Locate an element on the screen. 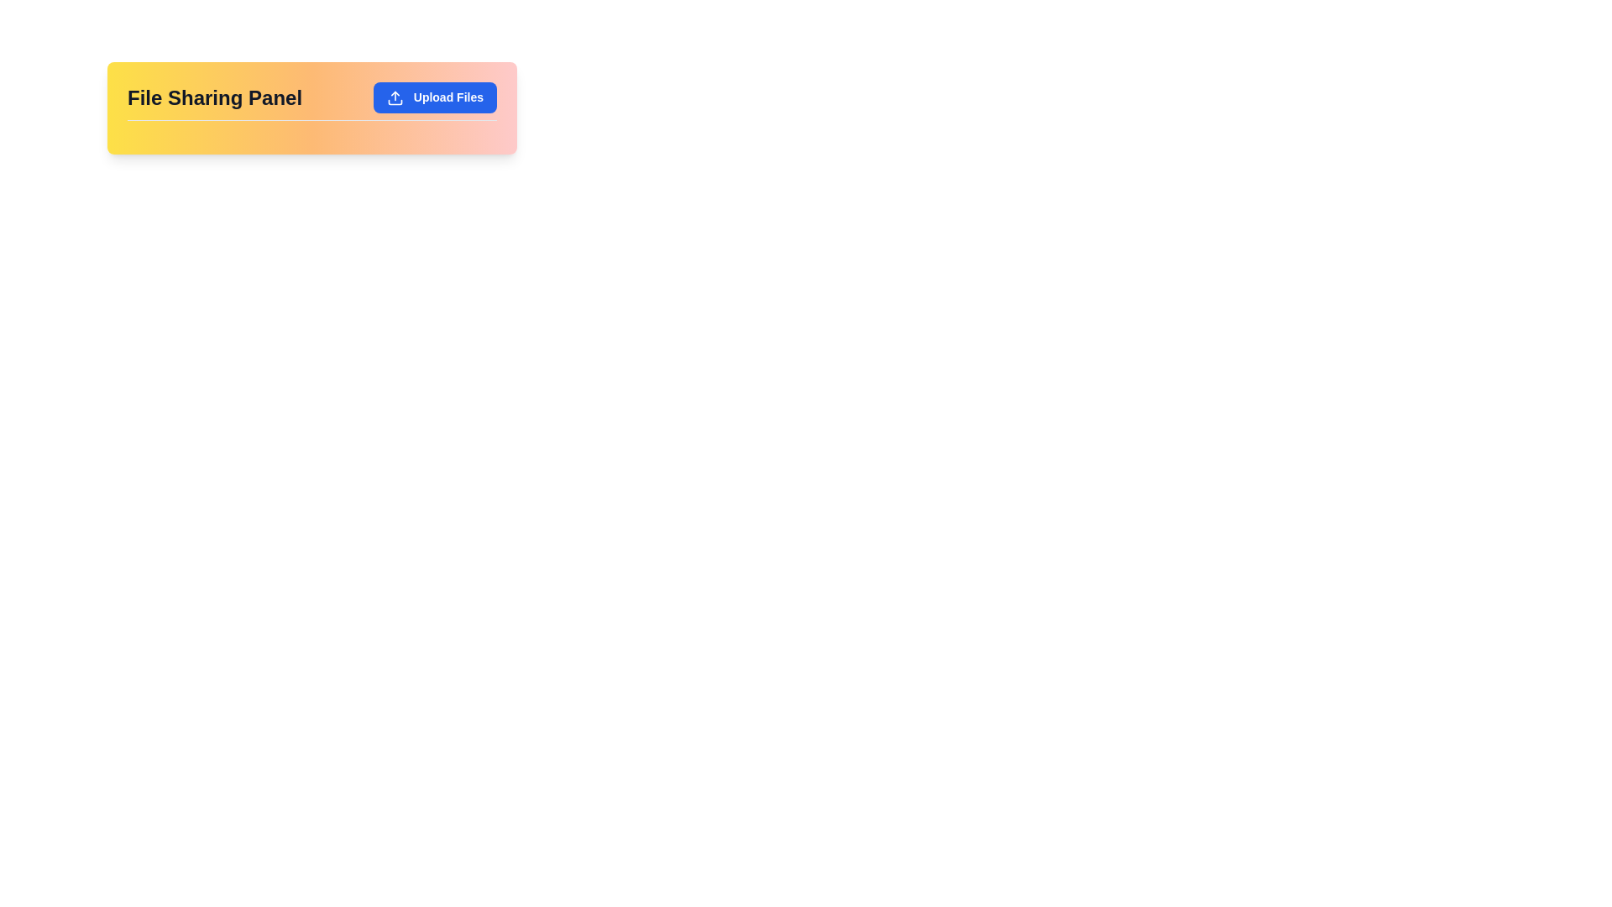  title 'File Sharing Panel' from the topmost panel element that contains a clickable button labeled 'Upload Files' is located at coordinates (312, 101).